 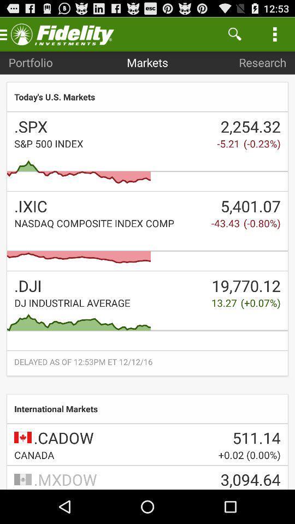 I want to click on item next to the markets icon, so click(x=31, y=62).